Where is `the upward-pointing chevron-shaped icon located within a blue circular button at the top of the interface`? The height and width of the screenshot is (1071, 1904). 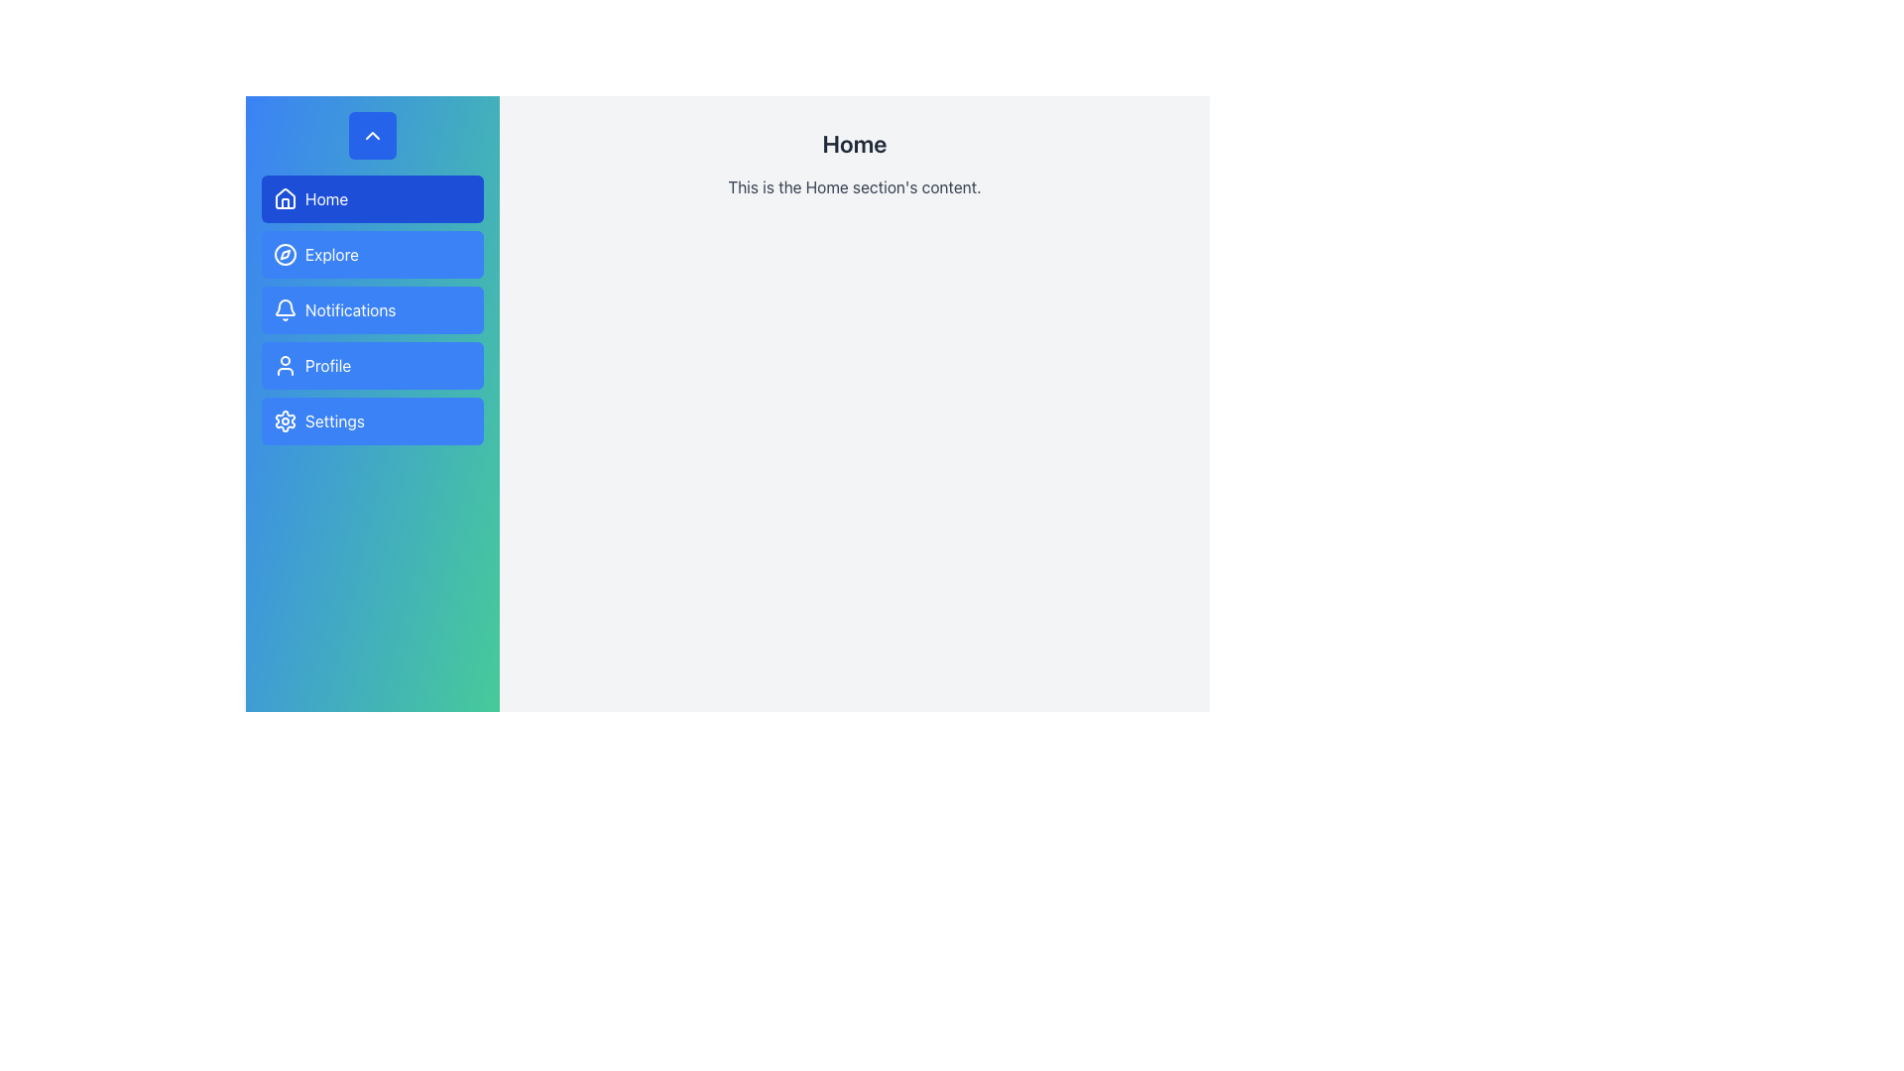 the upward-pointing chevron-shaped icon located within a blue circular button at the top of the interface is located at coordinates (372, 135).